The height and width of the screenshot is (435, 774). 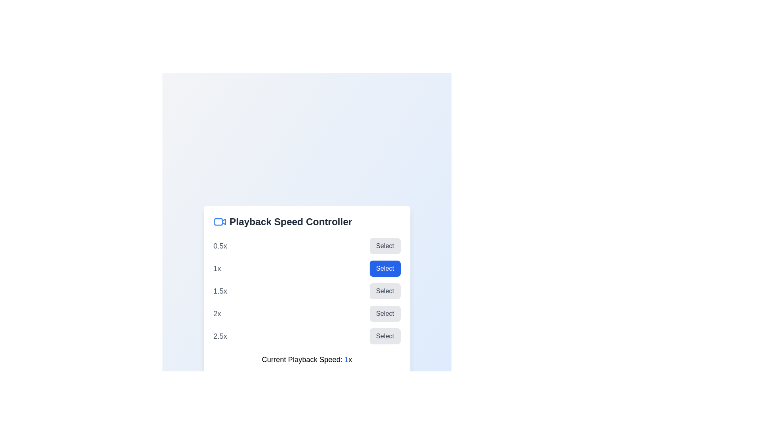 What do you see at coordinates (385, 291) in the screenshot?
I see `the 'Select' button, which is a rectangular button with rounded corners and a light gray background, located to the right of the '1.5x' label` at bounding box center [385, 291].